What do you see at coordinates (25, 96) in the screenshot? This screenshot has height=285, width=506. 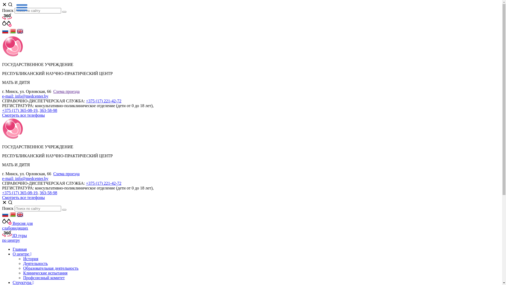 I see `'e-mail: info@medcenter.by'` at bounding box center [25, 96].